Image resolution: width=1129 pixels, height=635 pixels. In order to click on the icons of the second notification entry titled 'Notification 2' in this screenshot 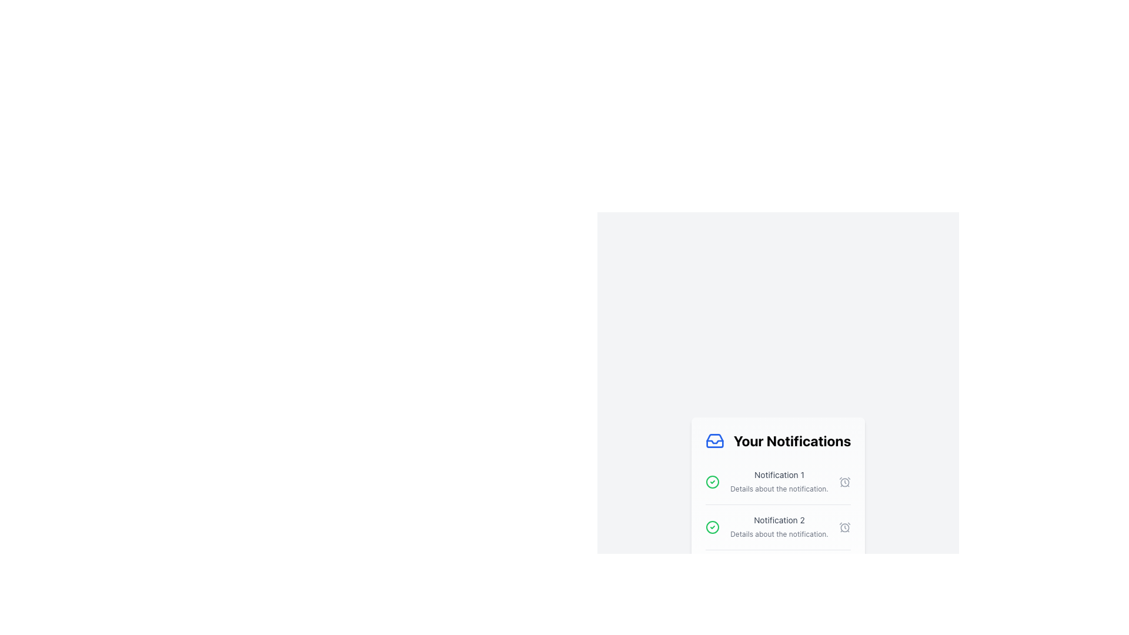, I will do `click(778, 526)`.